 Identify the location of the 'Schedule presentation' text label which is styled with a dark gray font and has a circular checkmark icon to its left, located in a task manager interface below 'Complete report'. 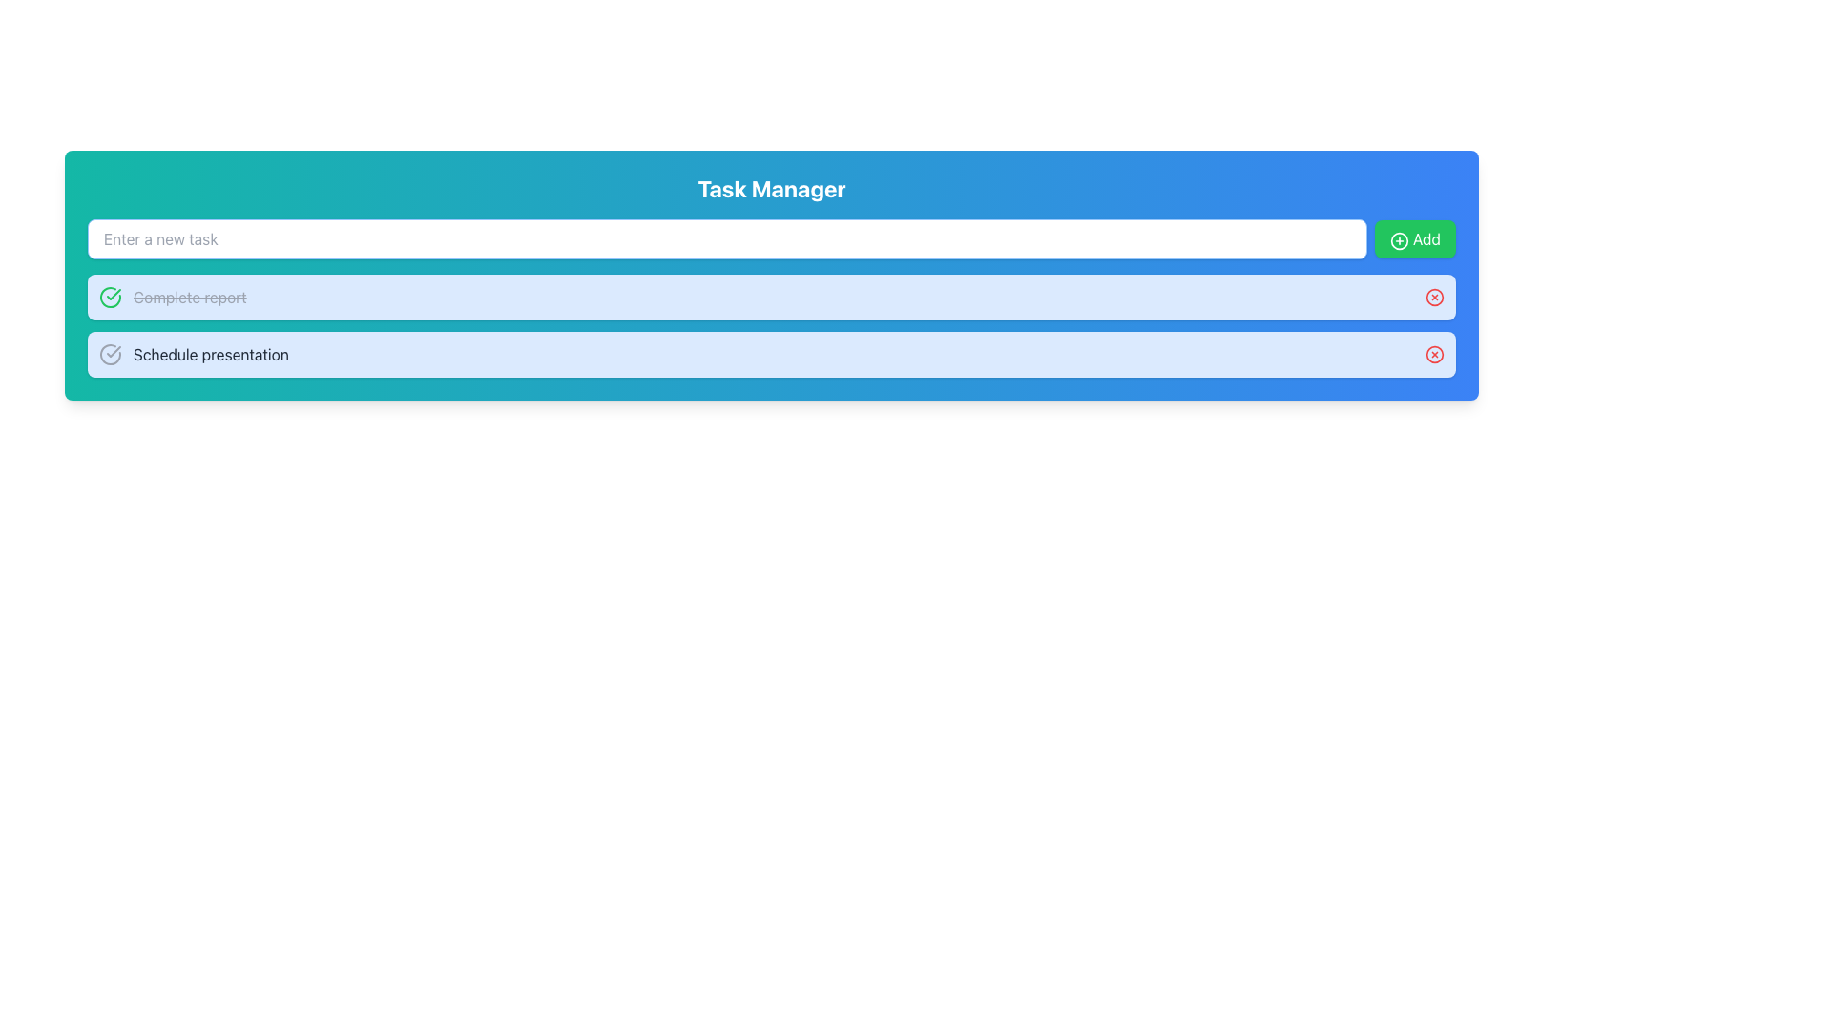
(194, 354).